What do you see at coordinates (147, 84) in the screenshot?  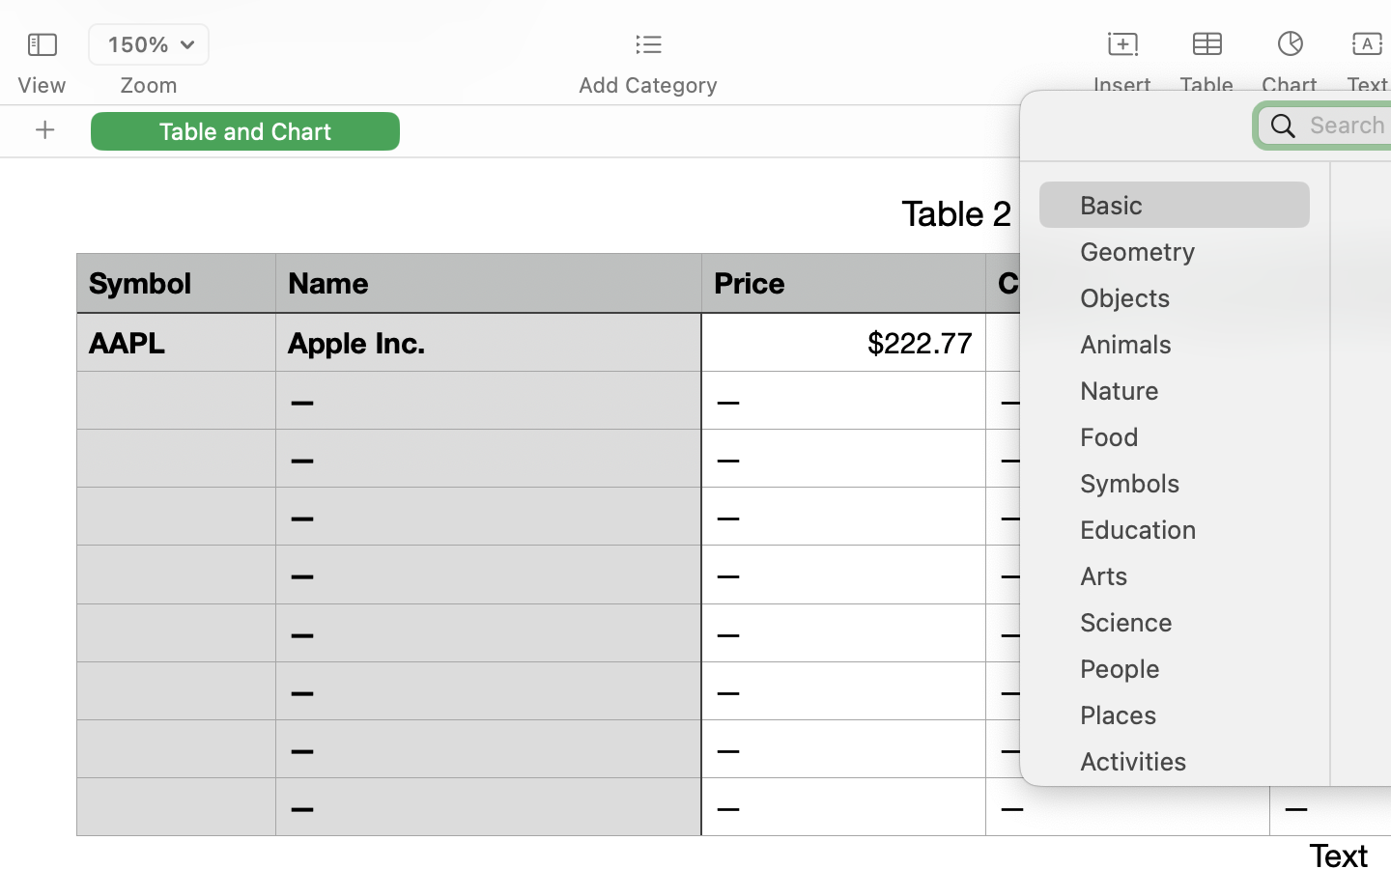 I see `'Zoom'` at bounding box center [147, 84].